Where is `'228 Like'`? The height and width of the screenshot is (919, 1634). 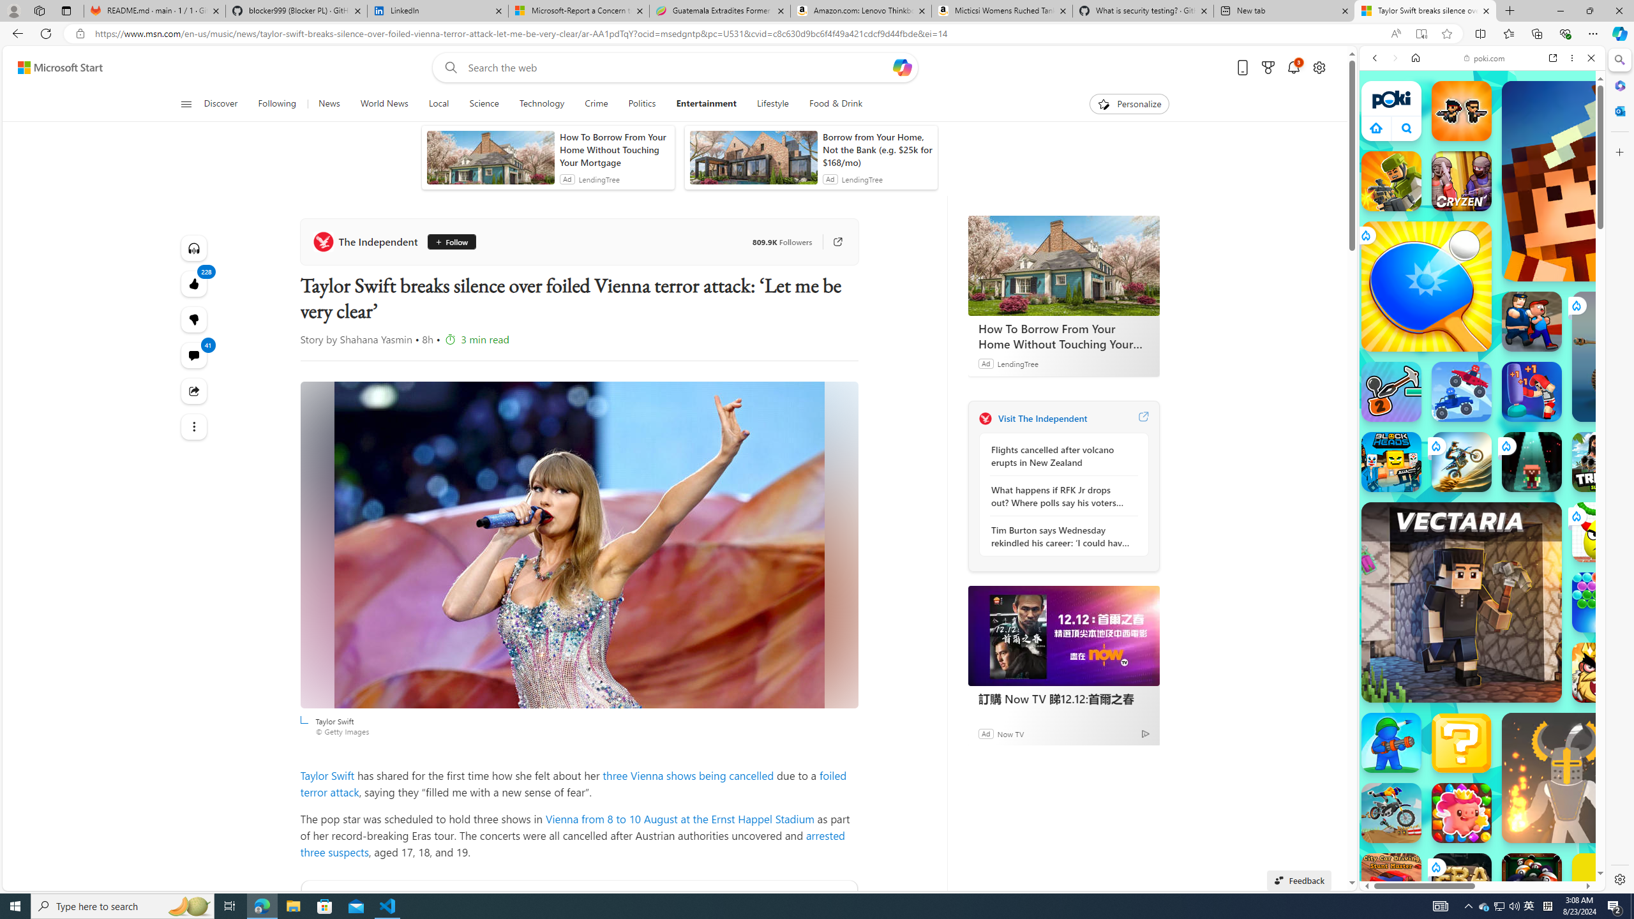 '228 Like' is located at coordinates (193, 283).